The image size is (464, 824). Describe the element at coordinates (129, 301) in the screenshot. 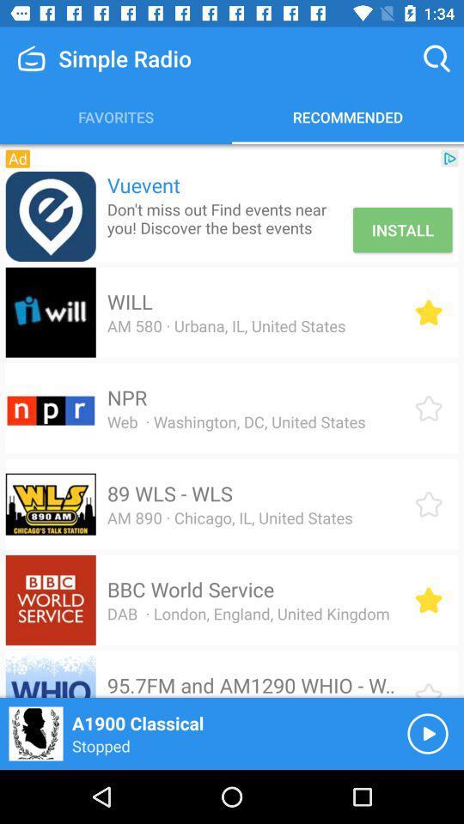

I see `the will icon` at that location.